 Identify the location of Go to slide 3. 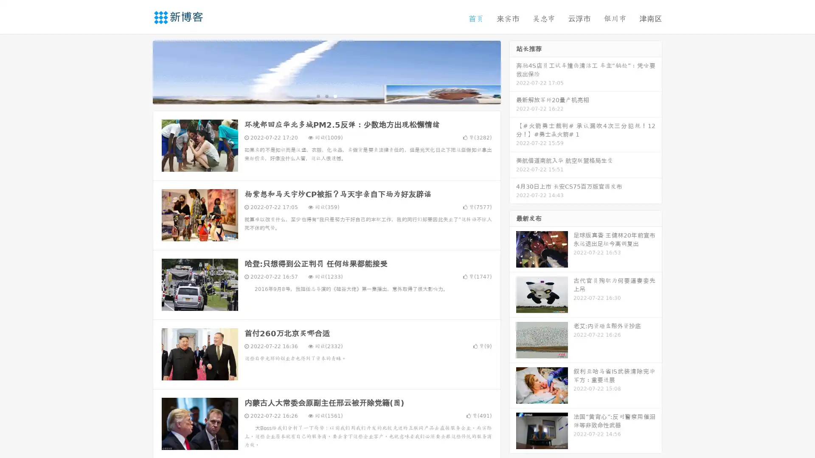
(335, 95).